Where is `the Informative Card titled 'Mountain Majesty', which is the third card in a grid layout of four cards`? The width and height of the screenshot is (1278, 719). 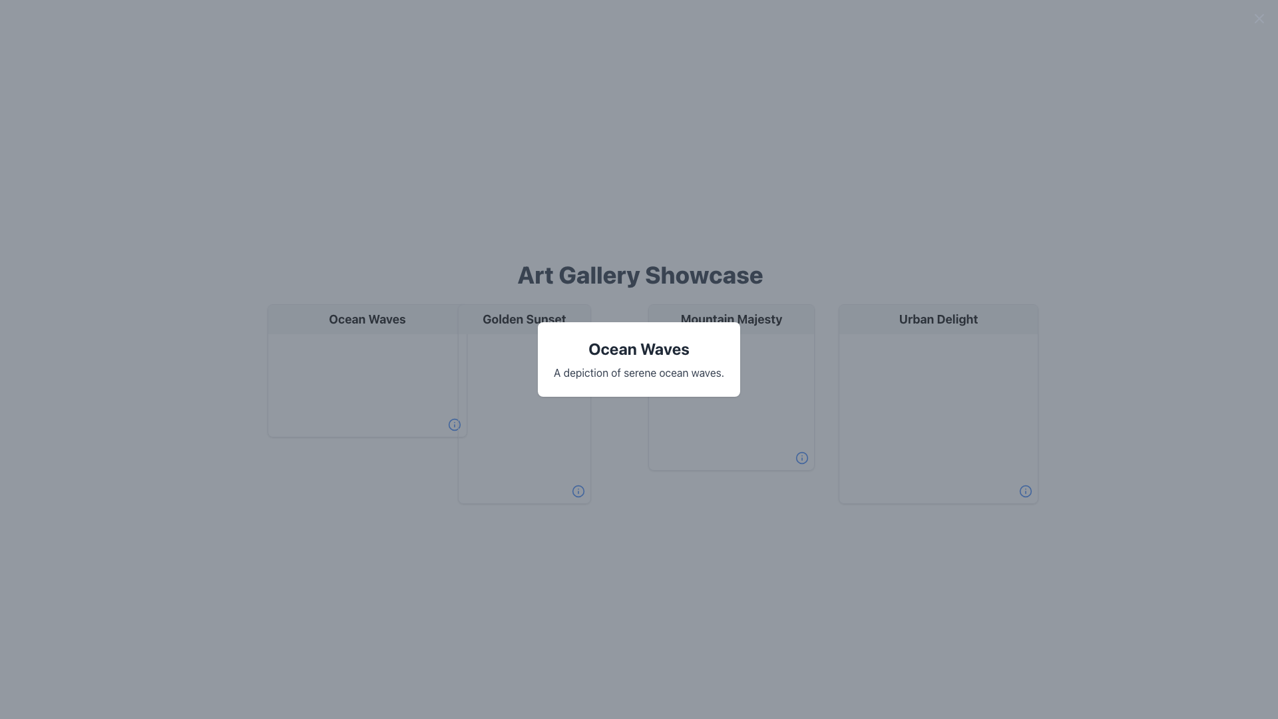 the Informative Card titled 'Mountain Majesty', which is the third card in a grid layout of four cards is located at coordinates (731, 387).